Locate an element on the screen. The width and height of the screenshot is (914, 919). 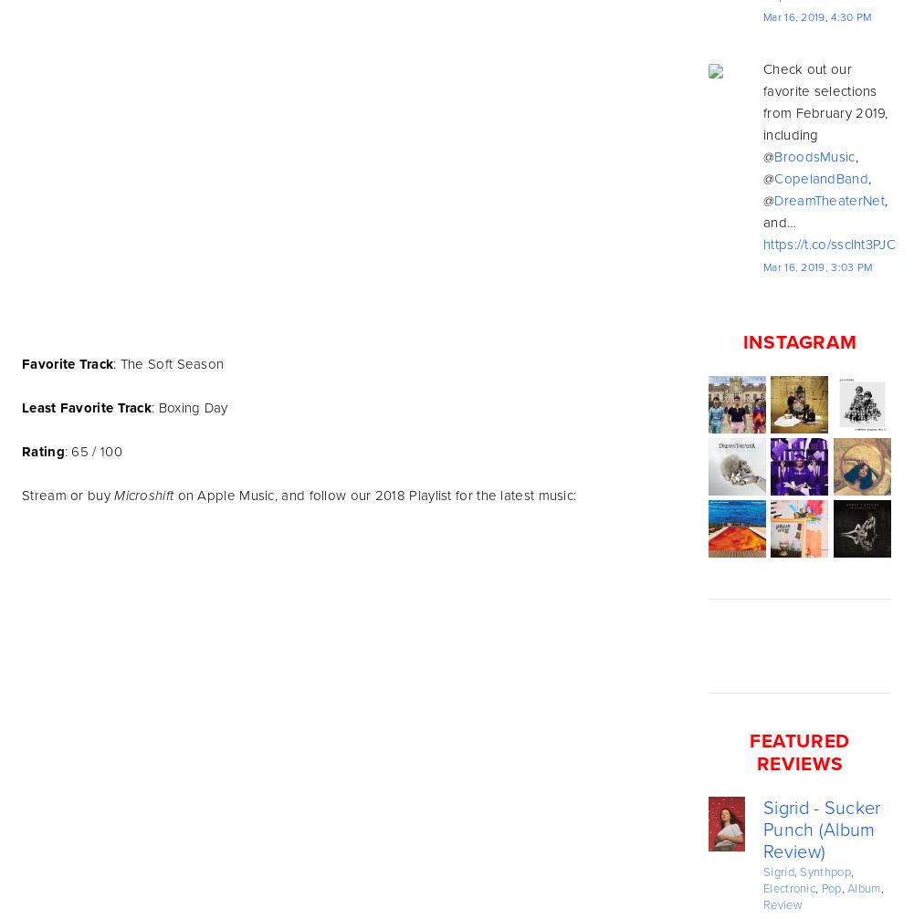
'Electronic' is located at coordinates (762, 887).